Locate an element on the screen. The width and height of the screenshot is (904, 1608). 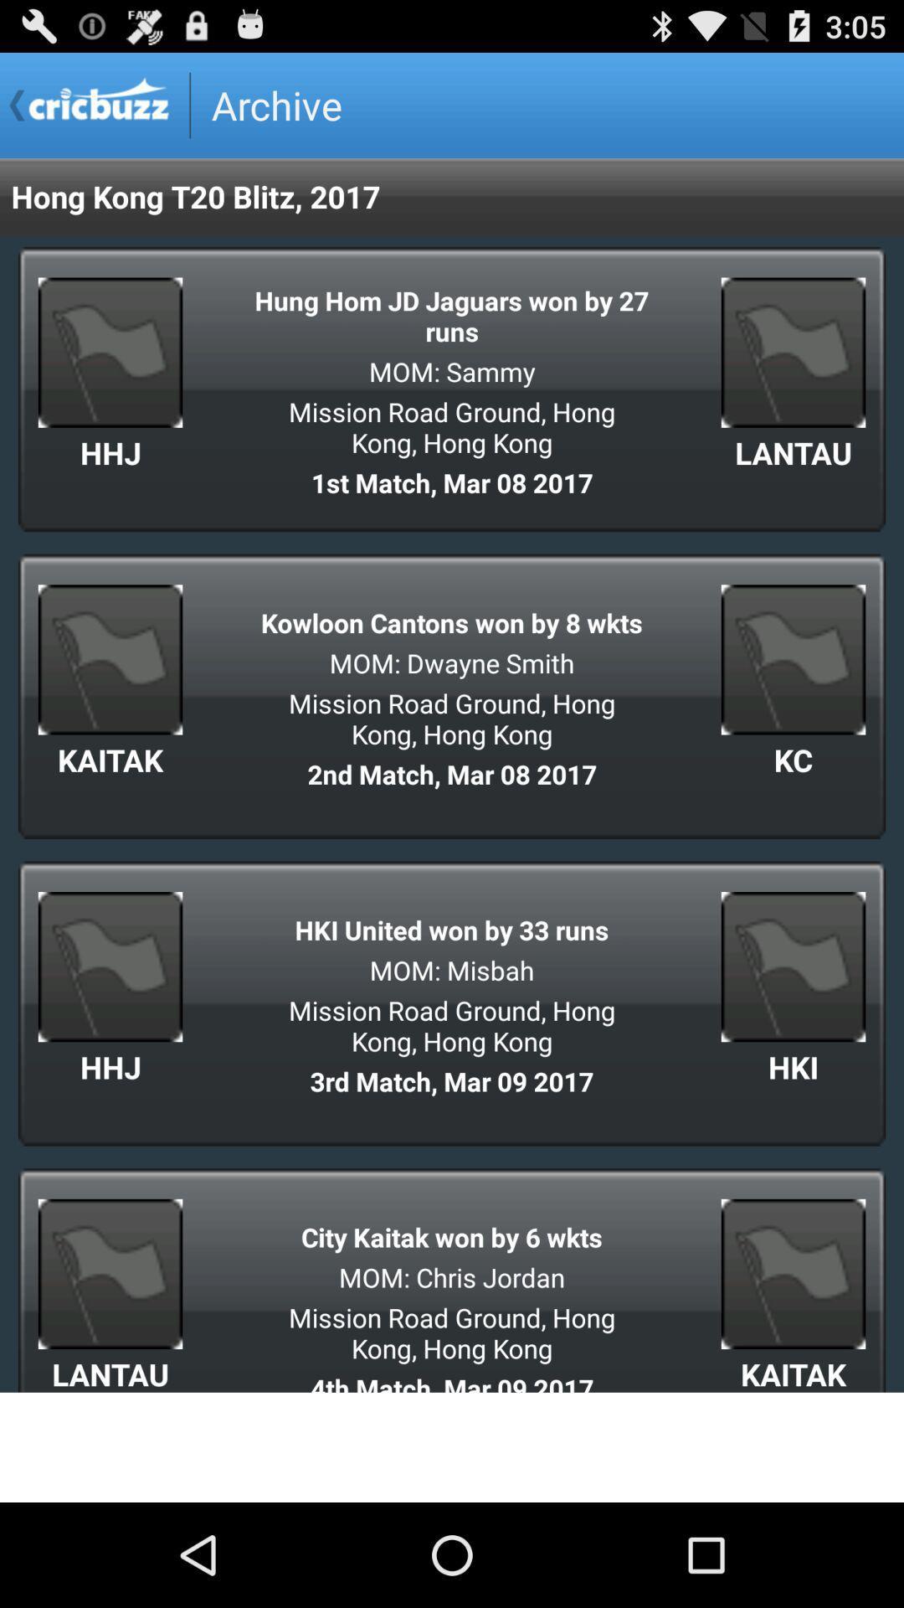
kc app is located at coordinates (793, 759).